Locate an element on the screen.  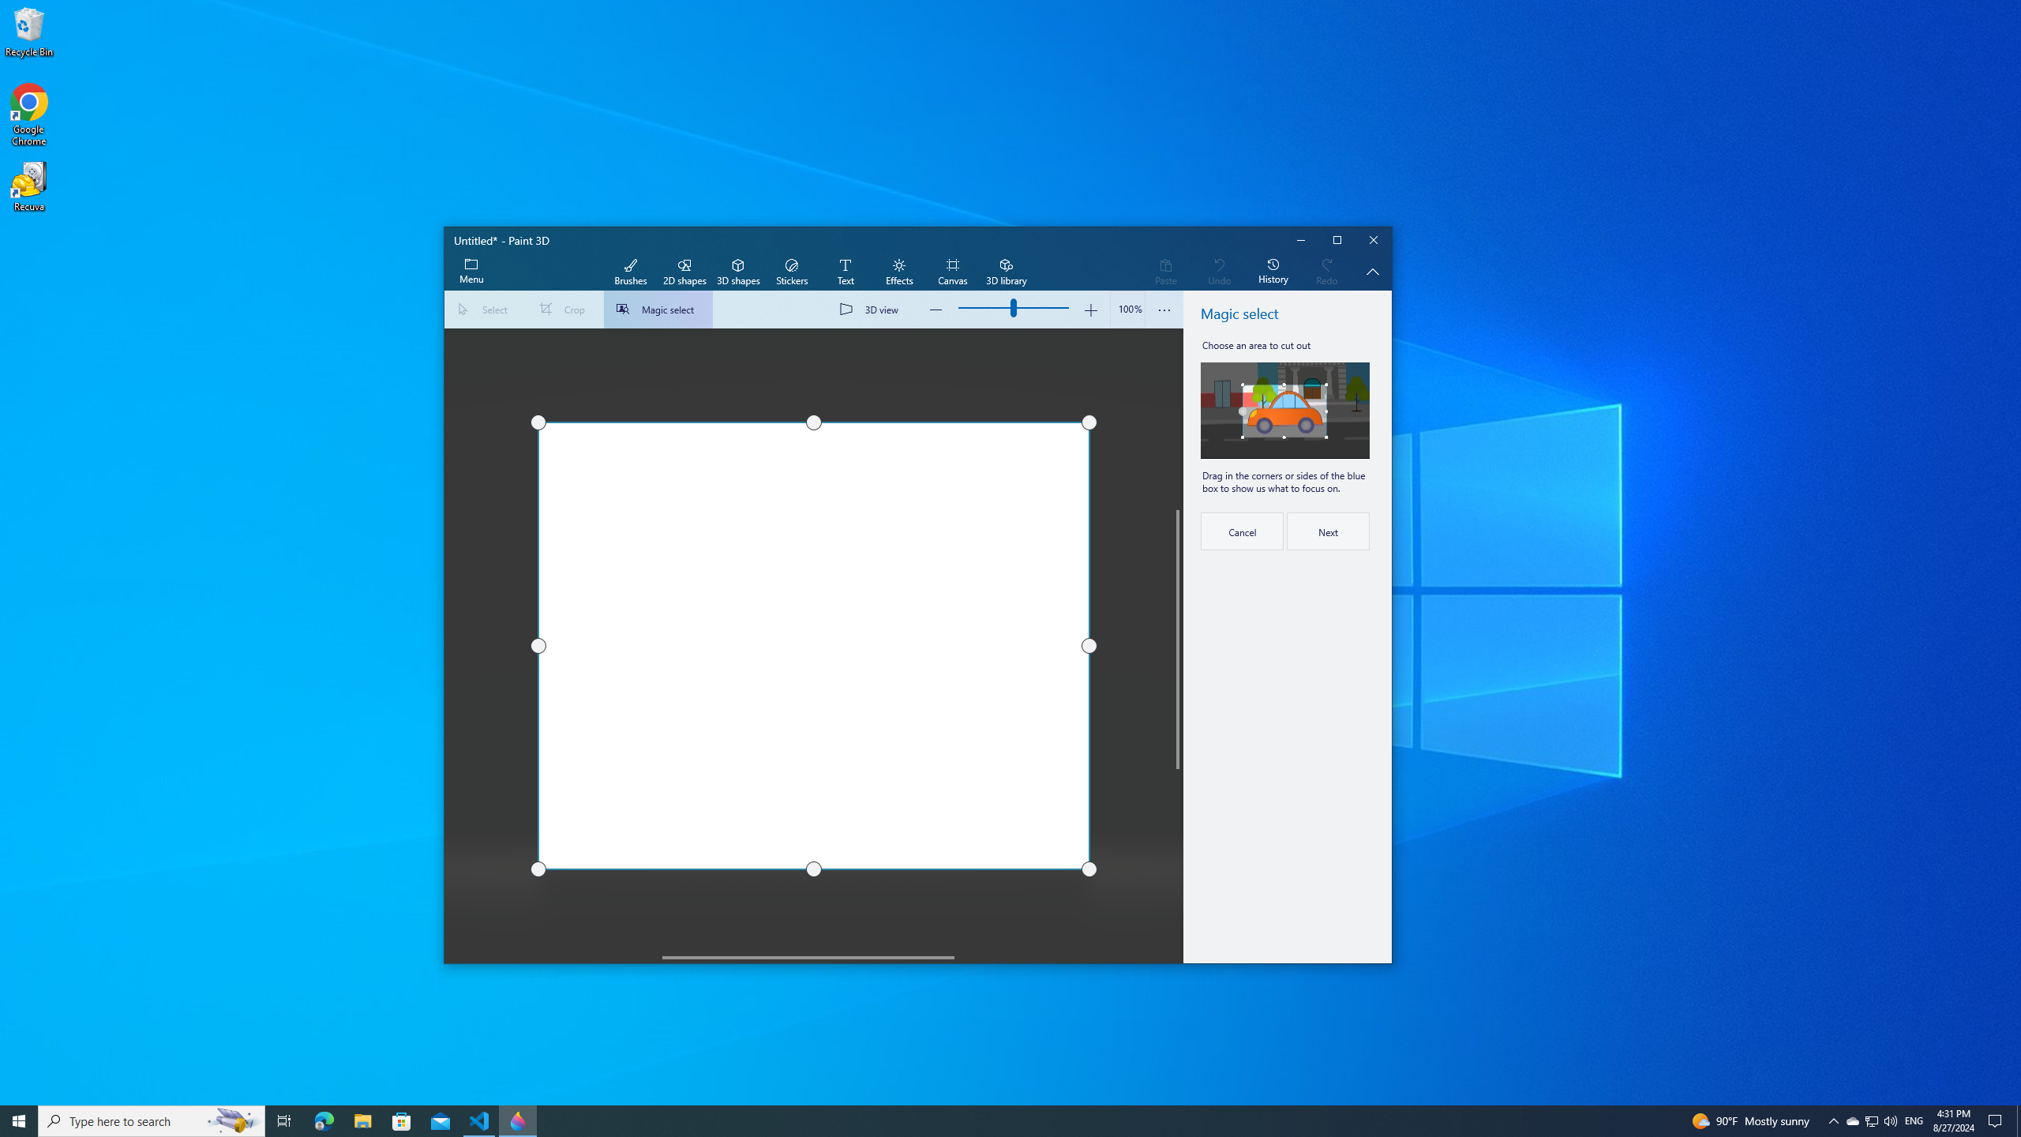
'Tray Input Indicator - English (United States)' is located at coordinates (1914, 1120).